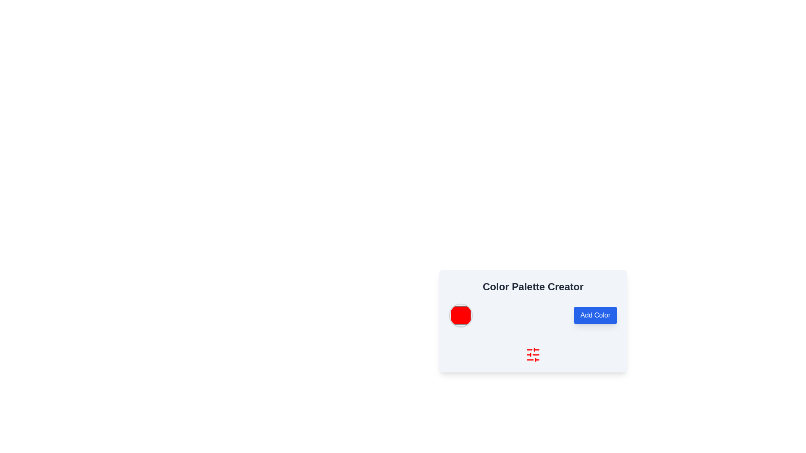  I want to click on the 'Add Color' button, which has a blue background and white text, located within the 'Color Palette Creator' control panel, so click(595, 315).